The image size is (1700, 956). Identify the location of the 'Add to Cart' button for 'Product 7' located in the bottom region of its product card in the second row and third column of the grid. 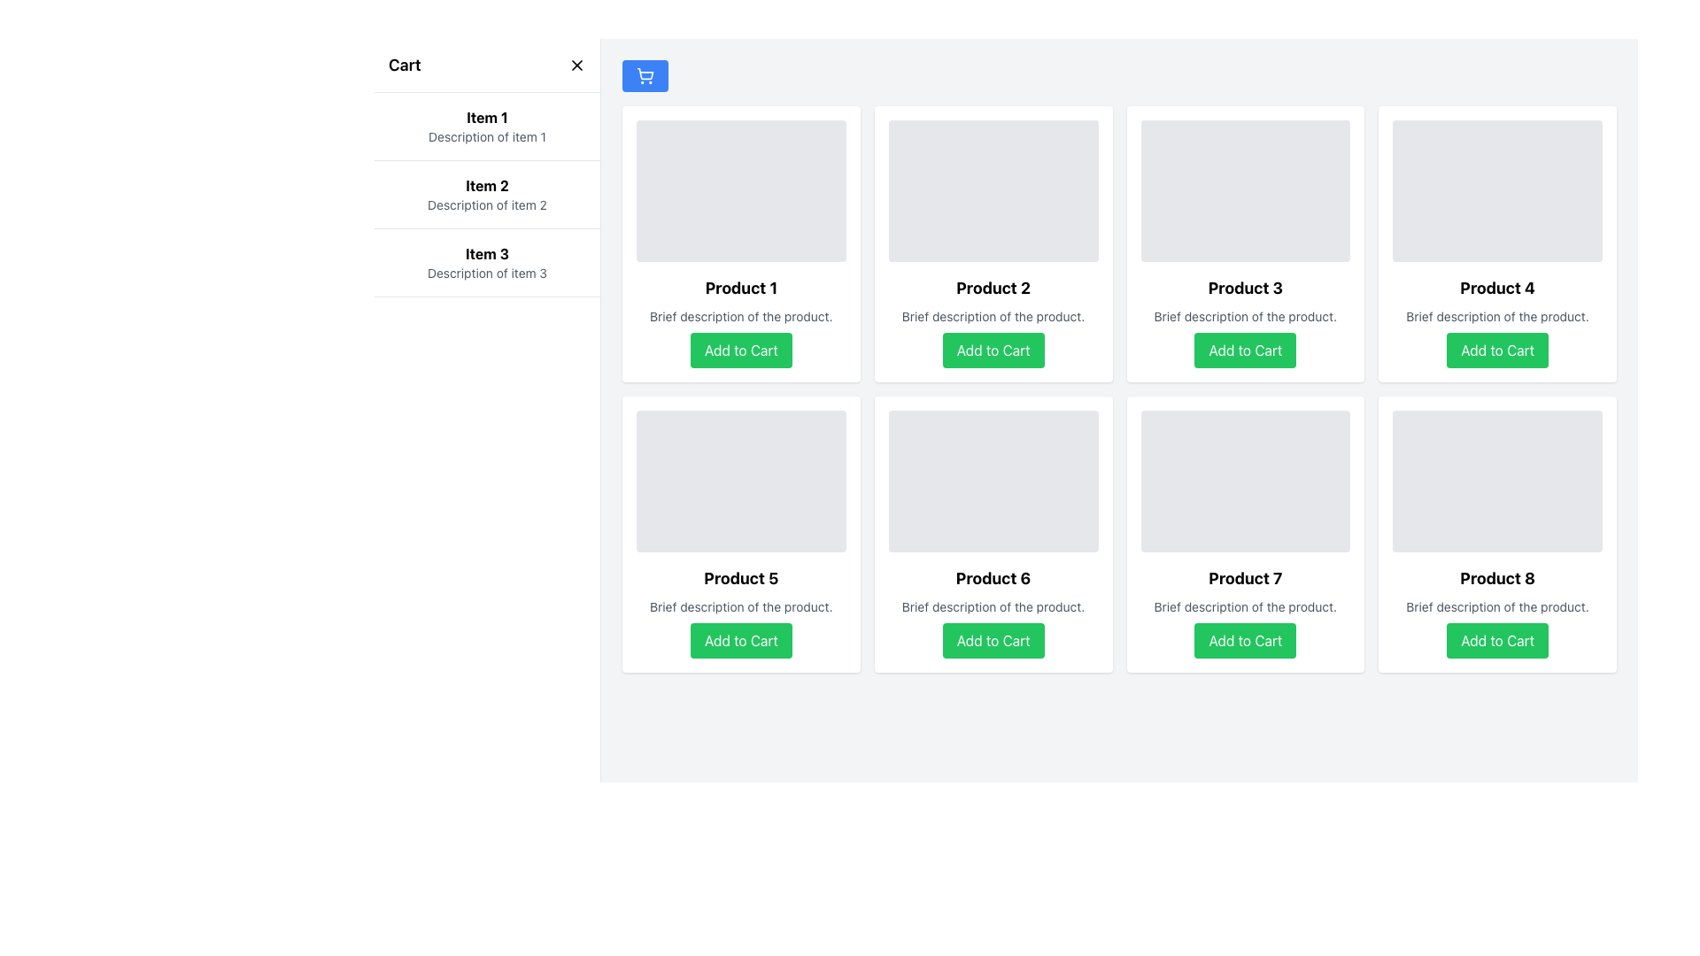
(1244, 641).